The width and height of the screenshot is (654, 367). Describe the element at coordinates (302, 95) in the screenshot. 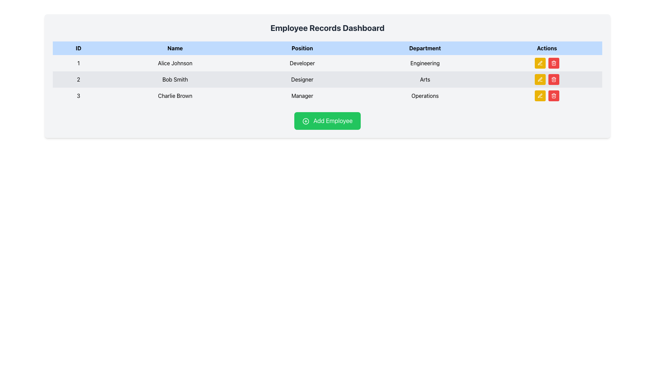

I see `the Text Label displaying 'Manager' located in the third row of the table in the 'Position' column` at that location.